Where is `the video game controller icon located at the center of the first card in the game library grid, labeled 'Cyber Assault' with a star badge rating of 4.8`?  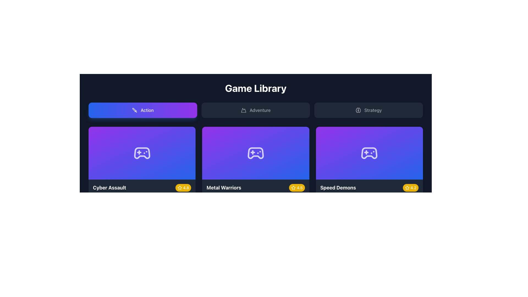 the video game controller icon located at the center of the first card in the game library grid, labeled 'Cyber Assault' with a star badge rating of 4.8 is located at coordinates (142, 153).